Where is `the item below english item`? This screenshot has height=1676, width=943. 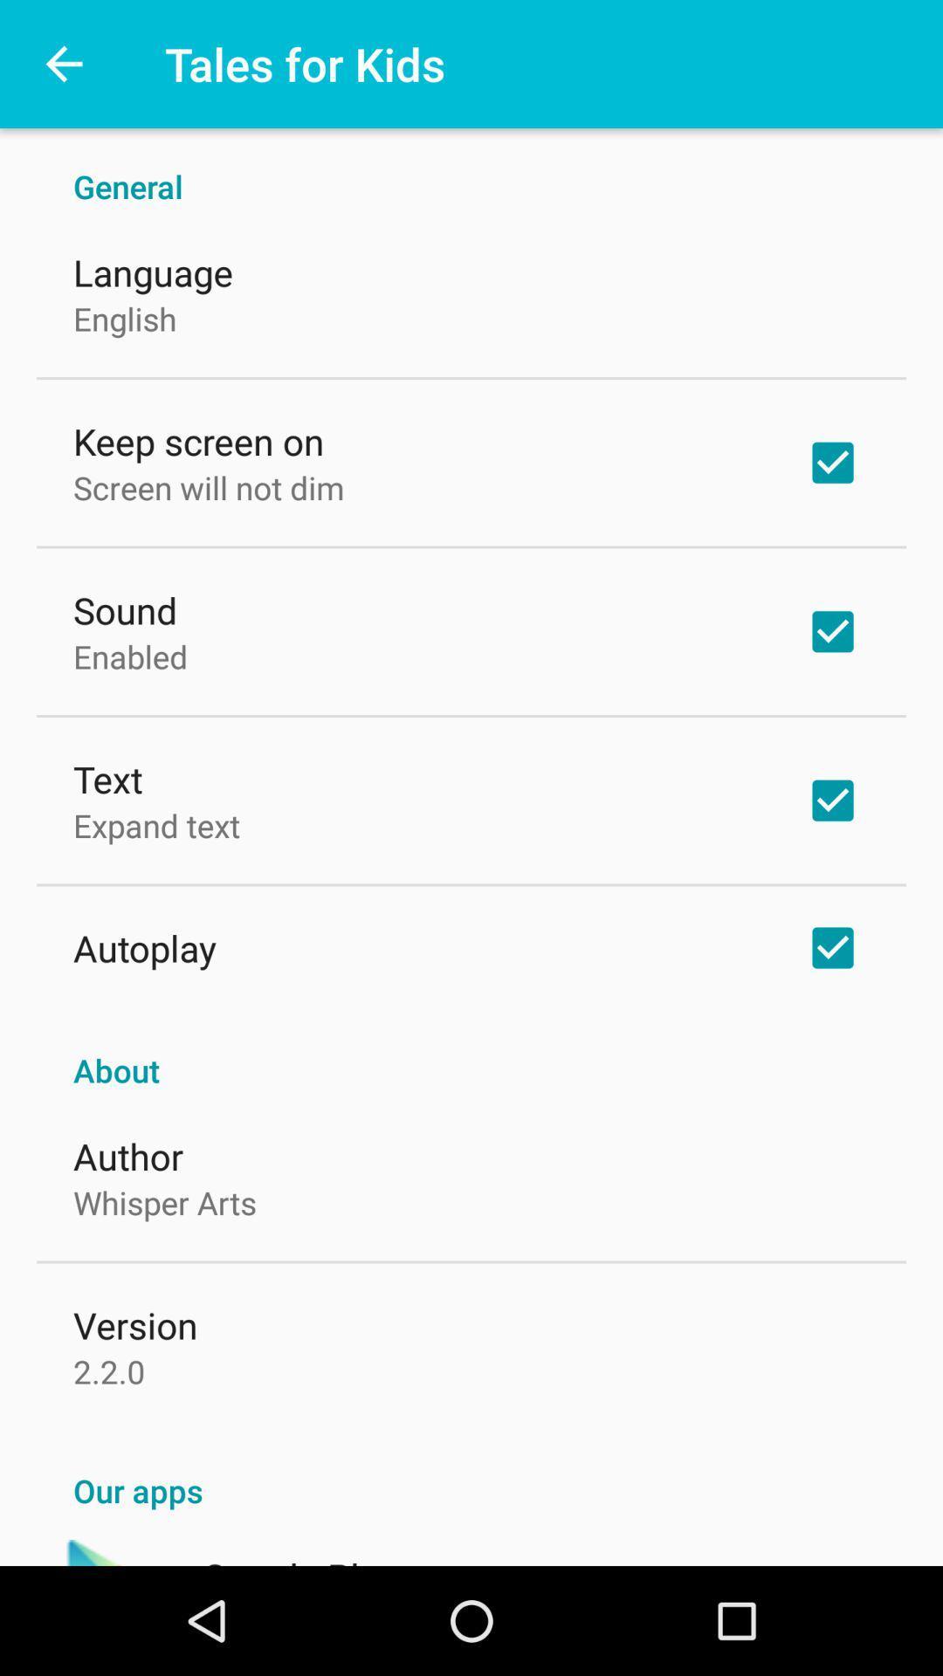 the item below english item is located at coordinates (197, 441).